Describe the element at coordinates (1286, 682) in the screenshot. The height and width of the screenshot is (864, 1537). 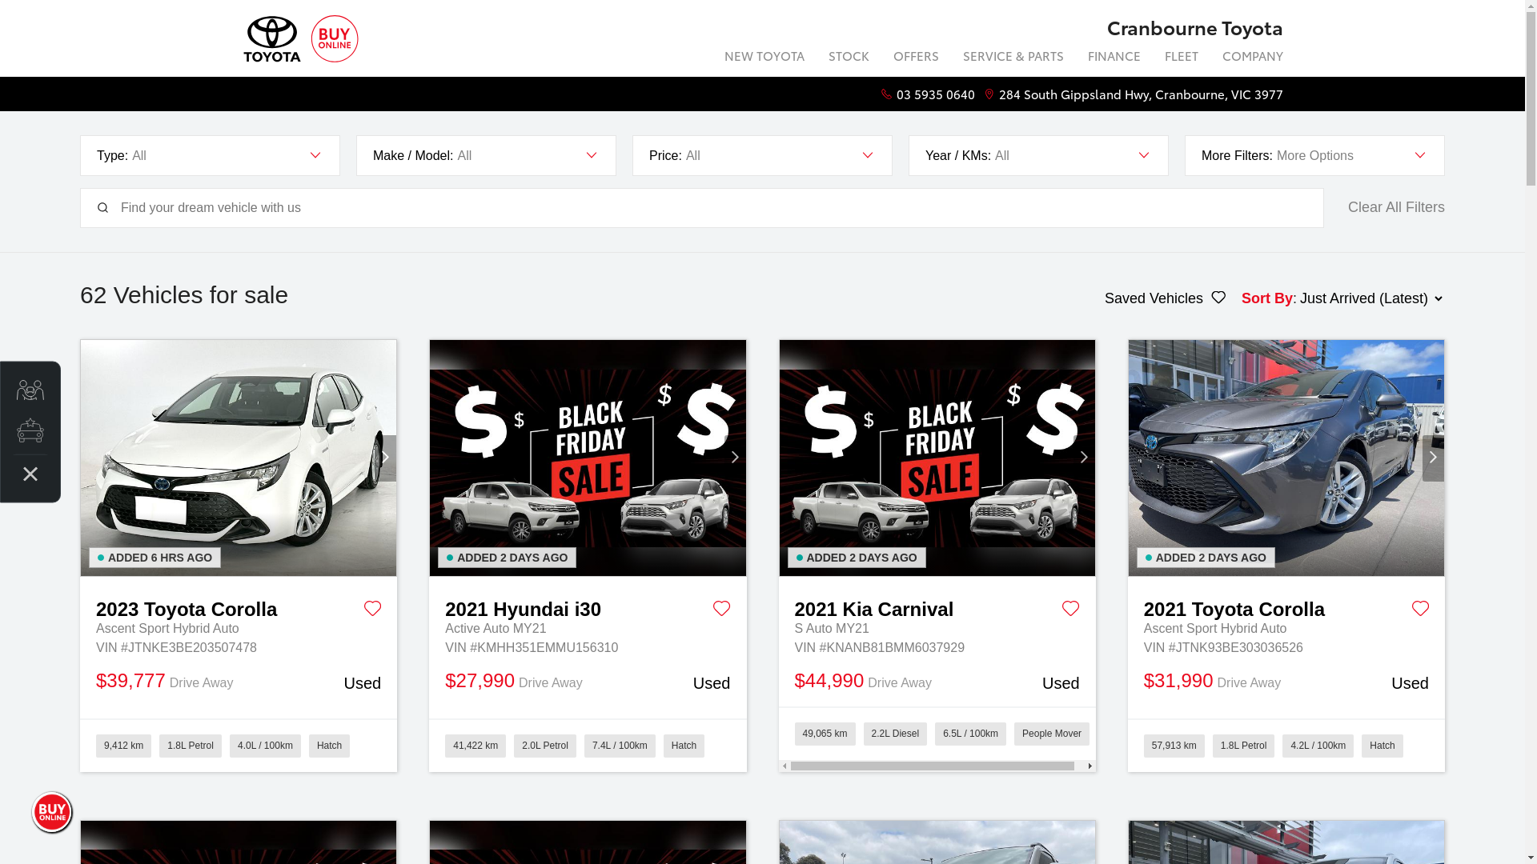
I see `'$31,990` at that location.